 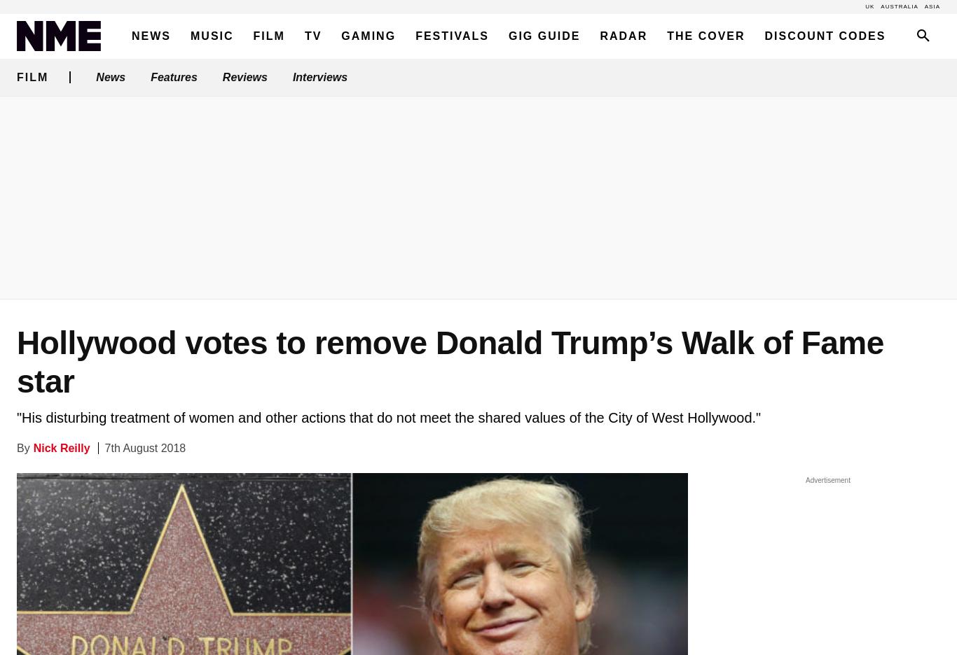 I want to click on 'Gig Guide', so click(x=544, y=36).